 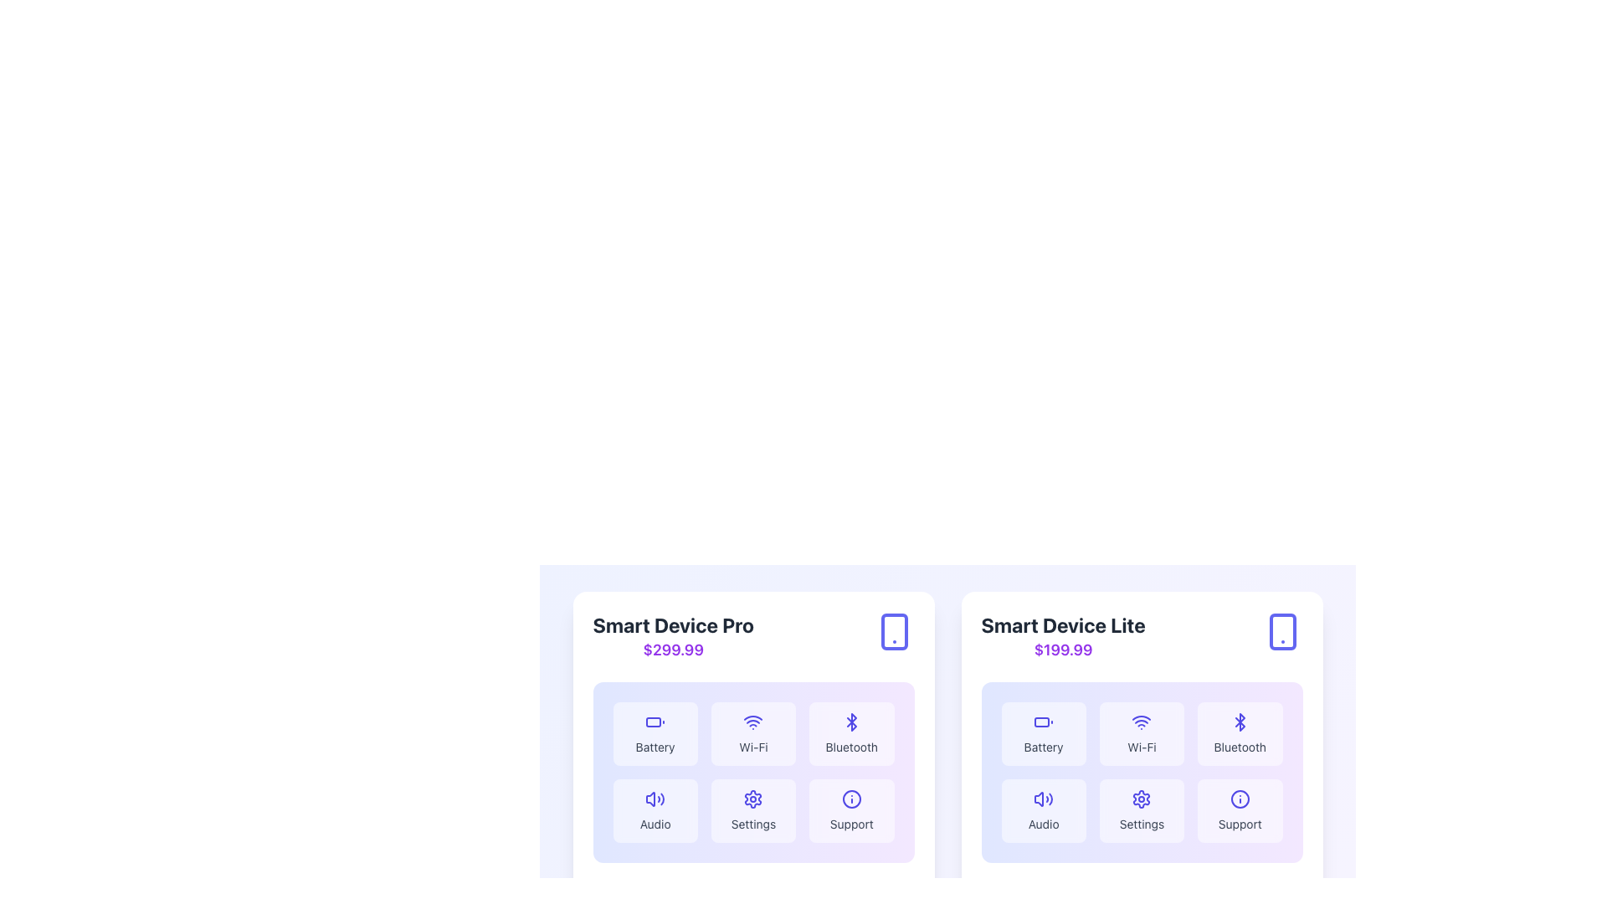 What do you see at coordinates (1240, 809) in the screenshot?
I see `the 'Support' button located in the bottom-right corner of the 'Smart Device Lite' panel` at bounding box center [1240, 809].